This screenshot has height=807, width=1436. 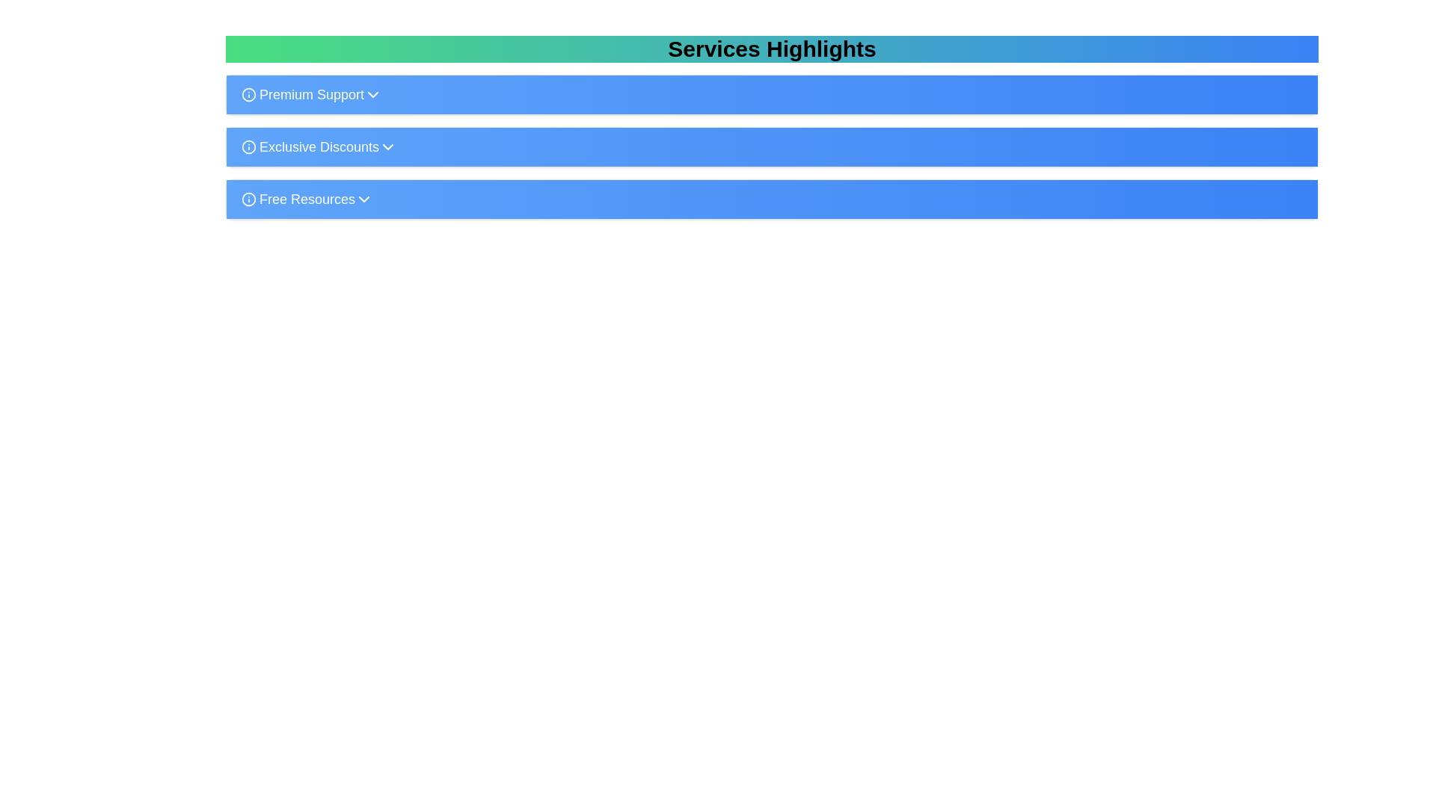 I want to click on the text label heading reading 'Exclusive Discounts', which is centrally located within a blue background area and styled with a medium font size, positioned after 'Premium Support' and before 'Free Resources', so click(x=310, y=146).